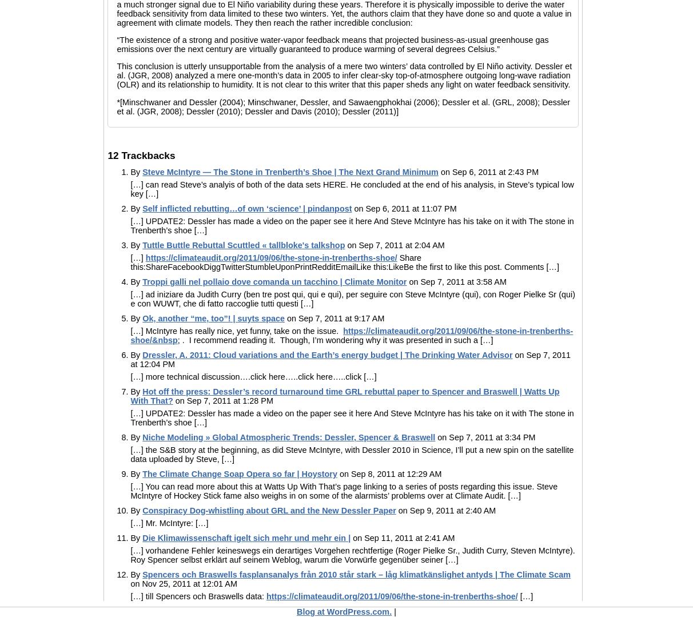 The width and height of the screenshot is (693, 617). What do you see at coordinates (352, 298) in the screenshot?
I see `'[…] ad iniziare da Judith Curry (ben tre post qui, qui e qui), per seguire con Steve McIntyre (qui), con Roger Pielke Sr (qui) e con WUWT, che di fatto raccoglie tutti questi […]'` at bounding box center [352, 298].